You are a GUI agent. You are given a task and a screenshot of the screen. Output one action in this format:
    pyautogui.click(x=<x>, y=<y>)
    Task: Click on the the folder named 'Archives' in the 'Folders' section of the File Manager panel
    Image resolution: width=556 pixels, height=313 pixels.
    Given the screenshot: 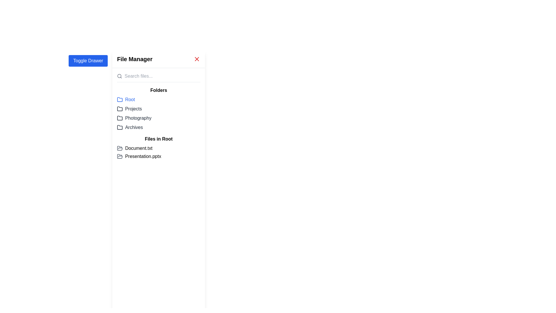 What is the action you would take?
    pyautogui.click(x=158, y=127)
    